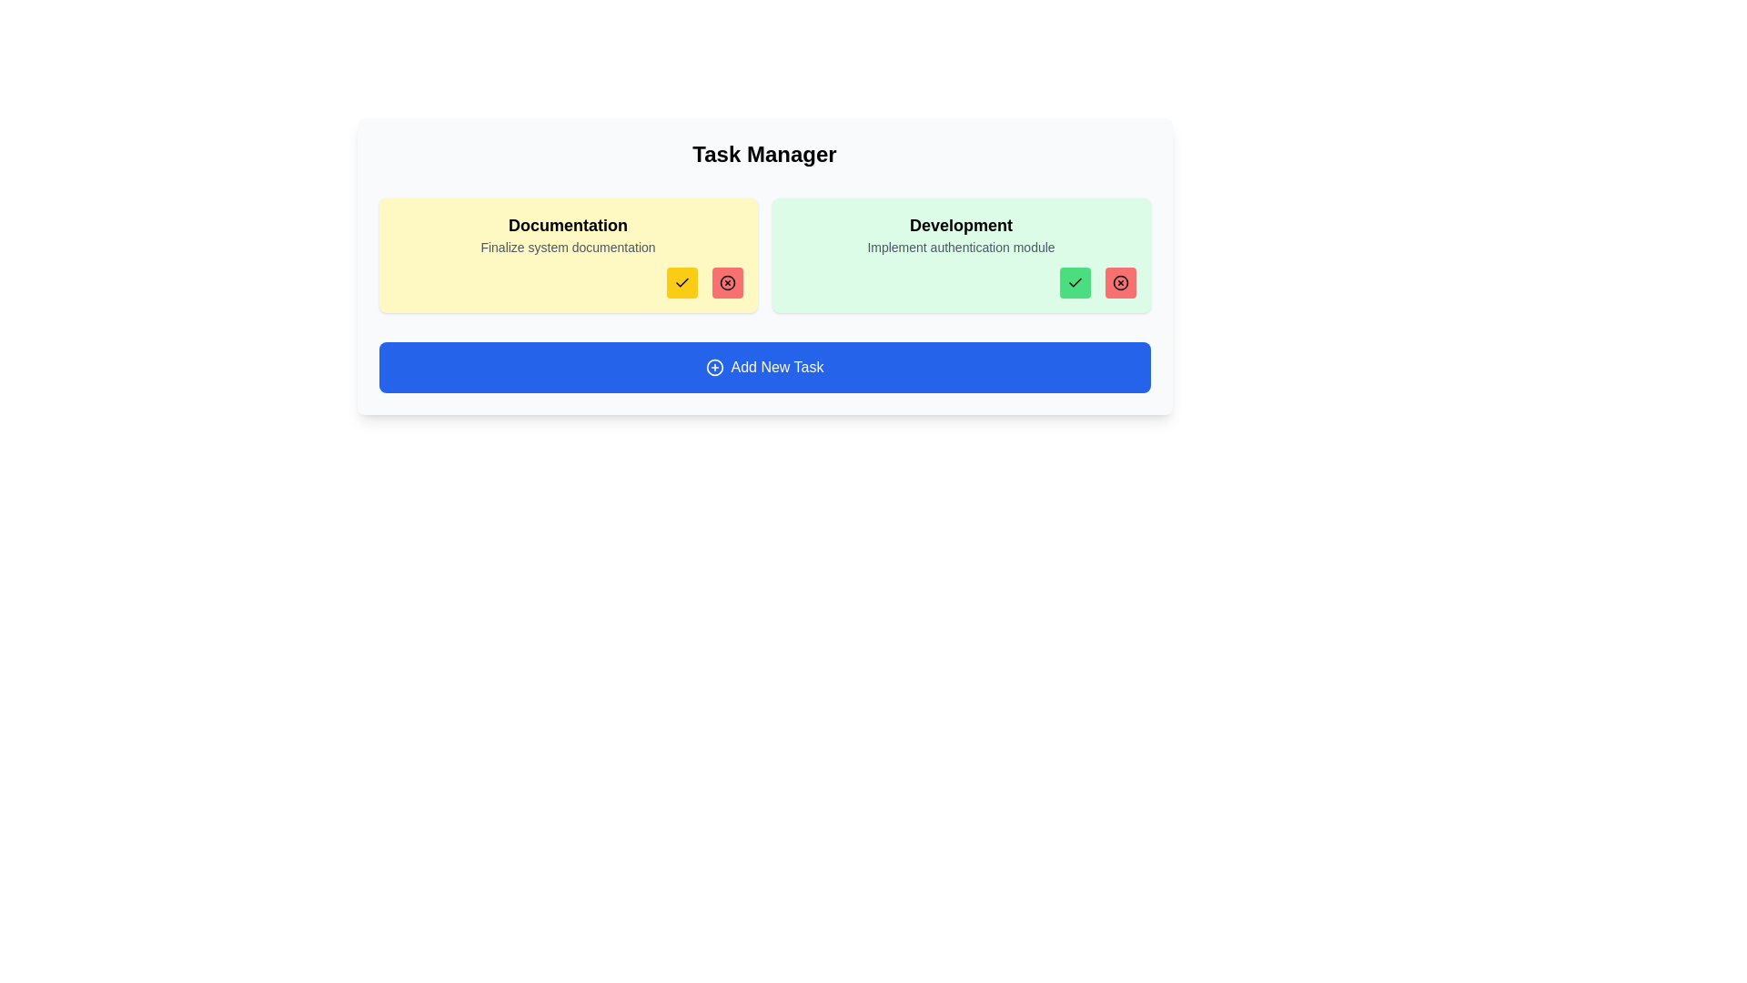 The width and height of the screenshot is (1747, 983). Describe the element at coordinates (567, 248) in the screenshot. I see `the informational text element located under the 'Documentation' section, which provides additional details about the task and is highlighted with a yellow background` at that location.